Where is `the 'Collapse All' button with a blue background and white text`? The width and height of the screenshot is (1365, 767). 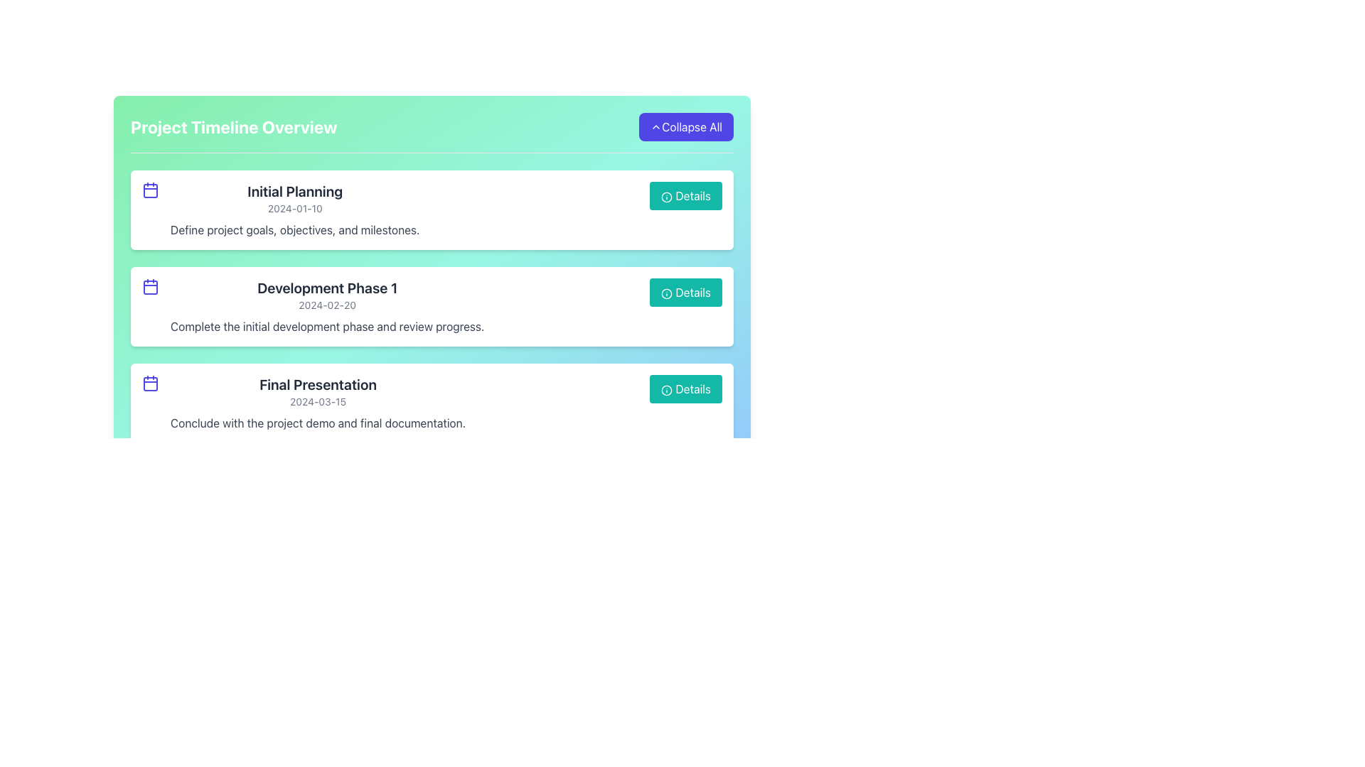 the 'Collapse All' button with a blue background and white text is located at coordinates (685, 126).